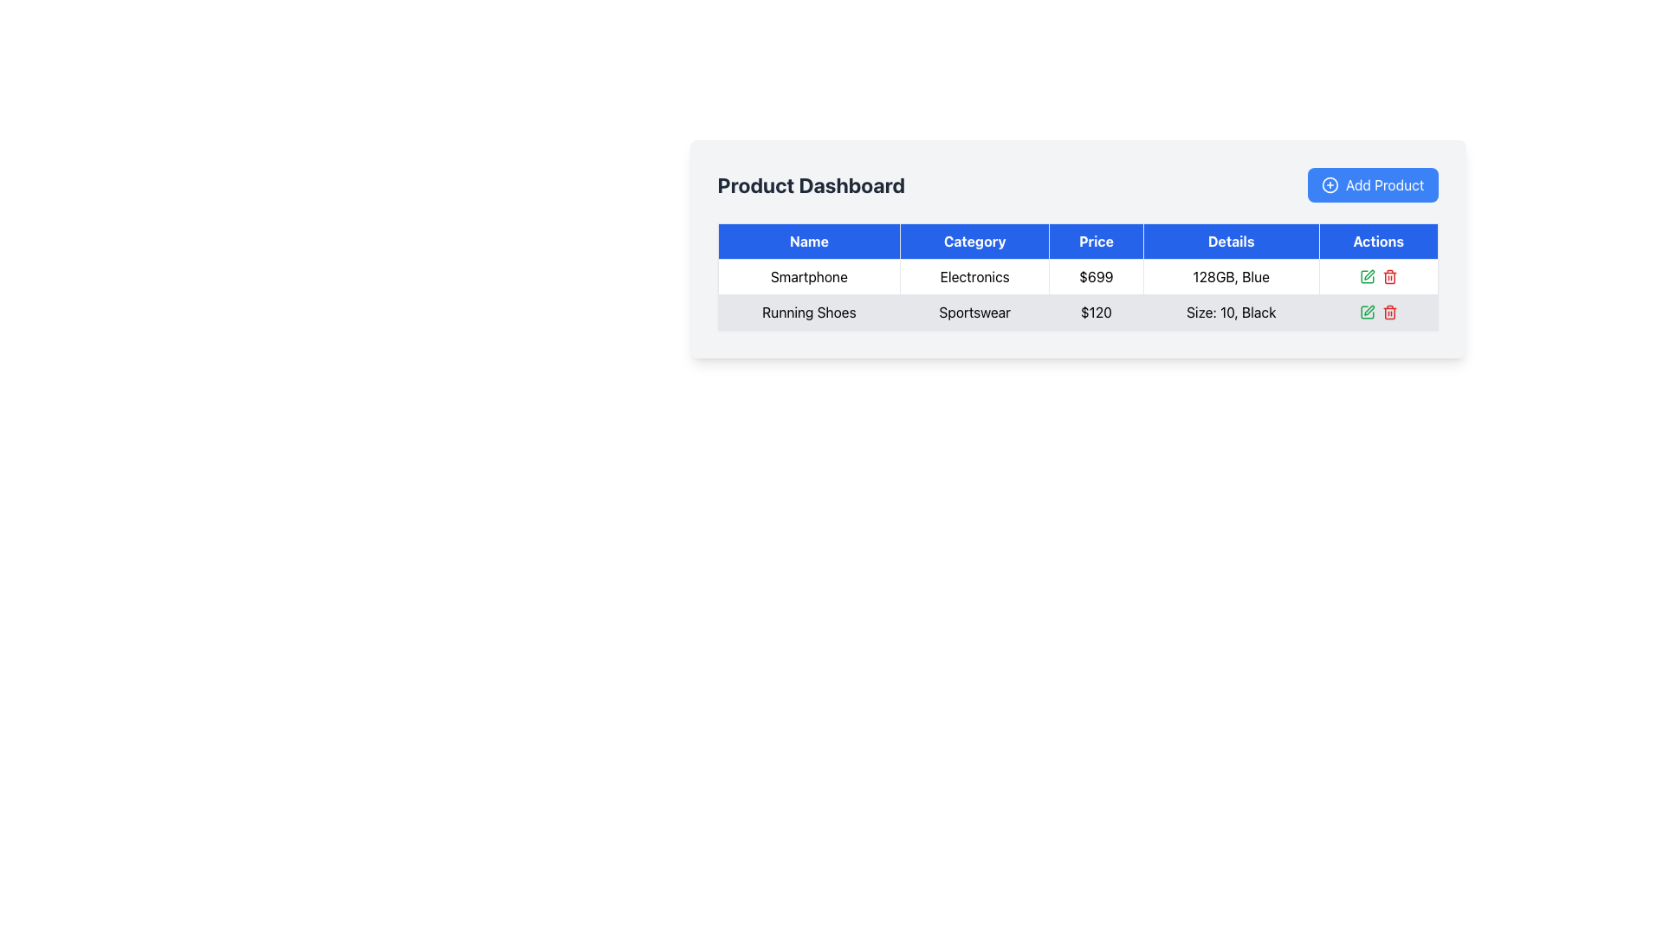  I want to click on the static text label displaying 'Size: 10, Black' in the 'Details' column of the second row of the data table, so click(1230, 313).